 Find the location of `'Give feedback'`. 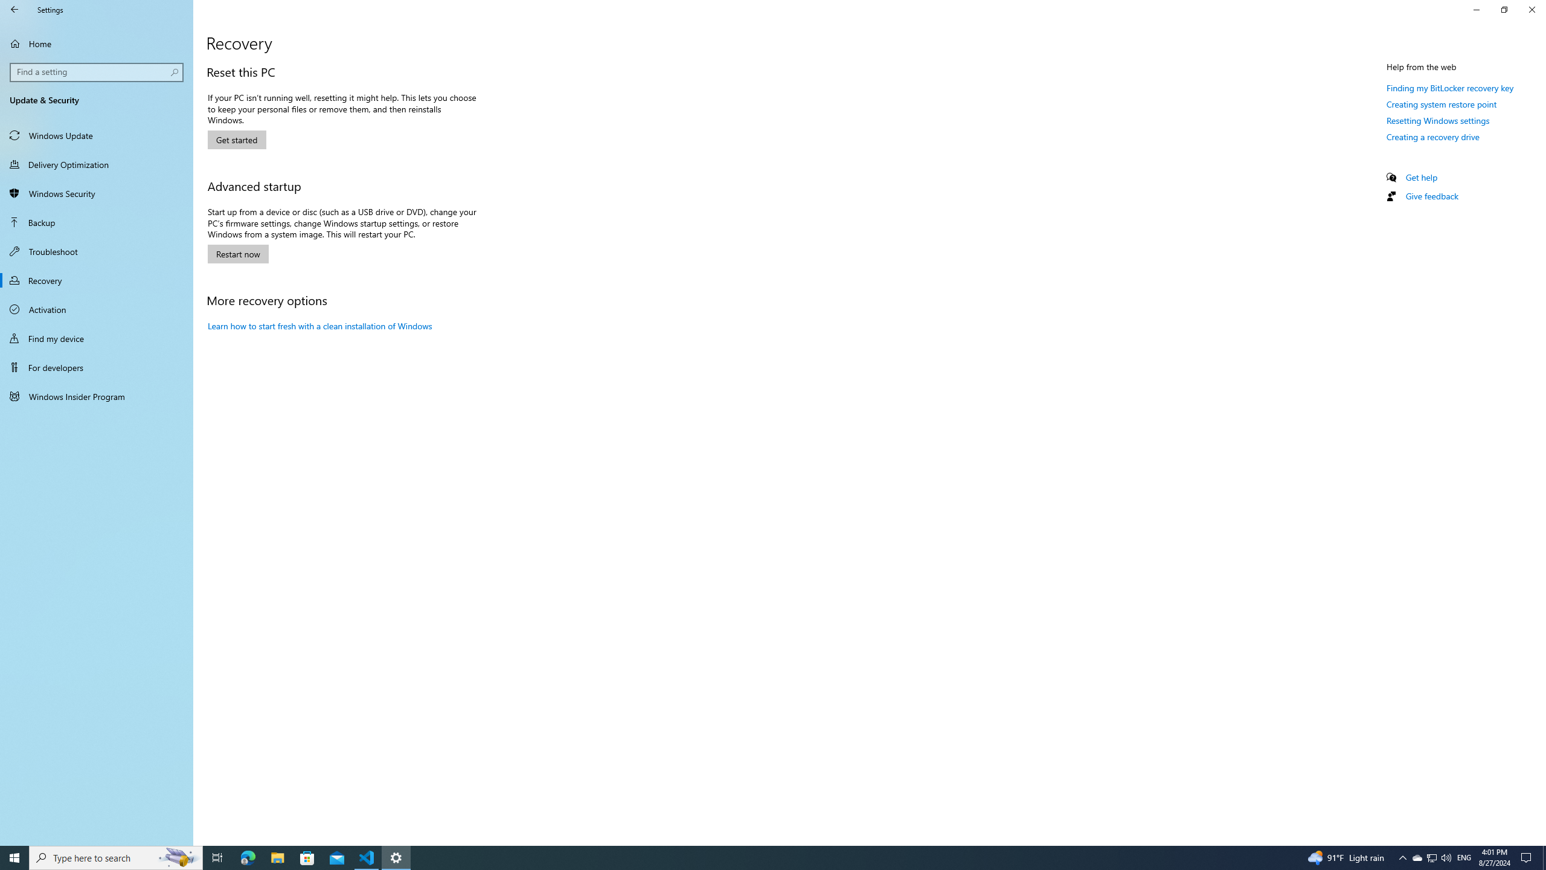

'Give feedback' is located at coordinates (1431, 195).